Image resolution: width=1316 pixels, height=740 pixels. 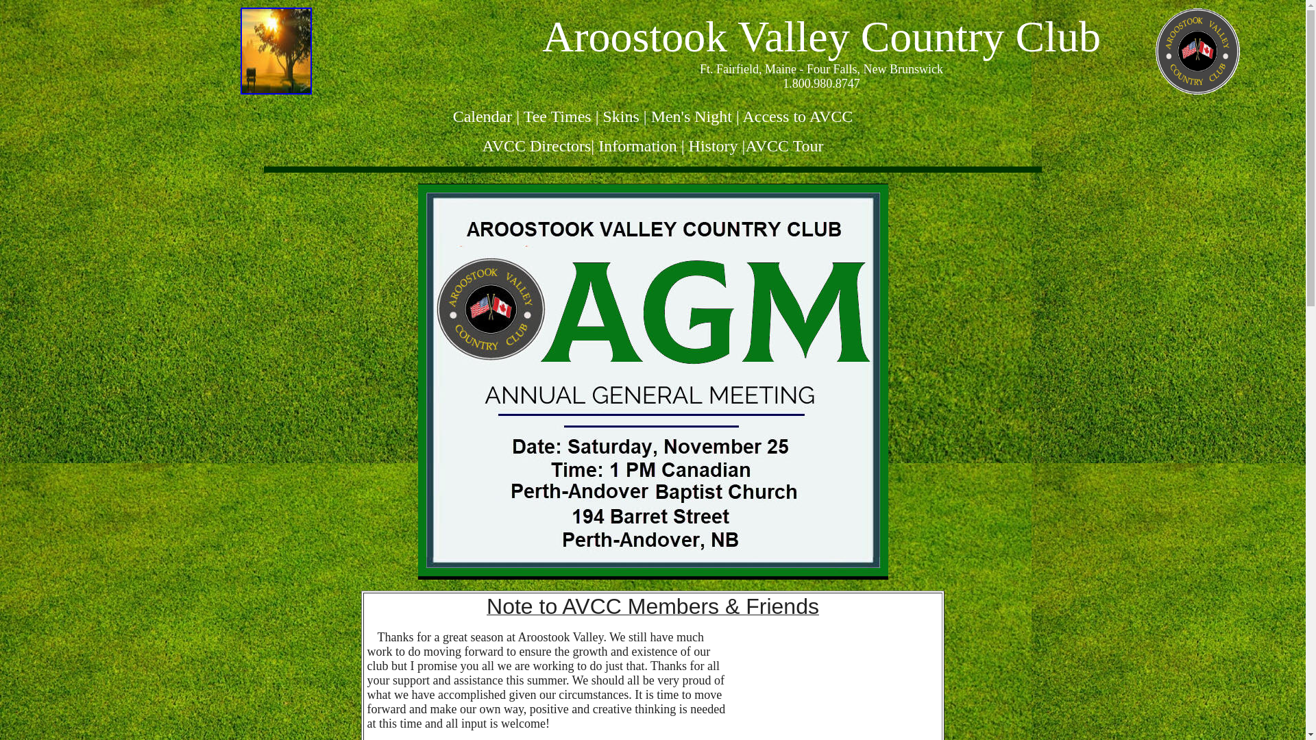 What do you see at coordinates (535, 145) in the screenshot?
I see `'AVCC Directors'` at bounding box center [535, 145].